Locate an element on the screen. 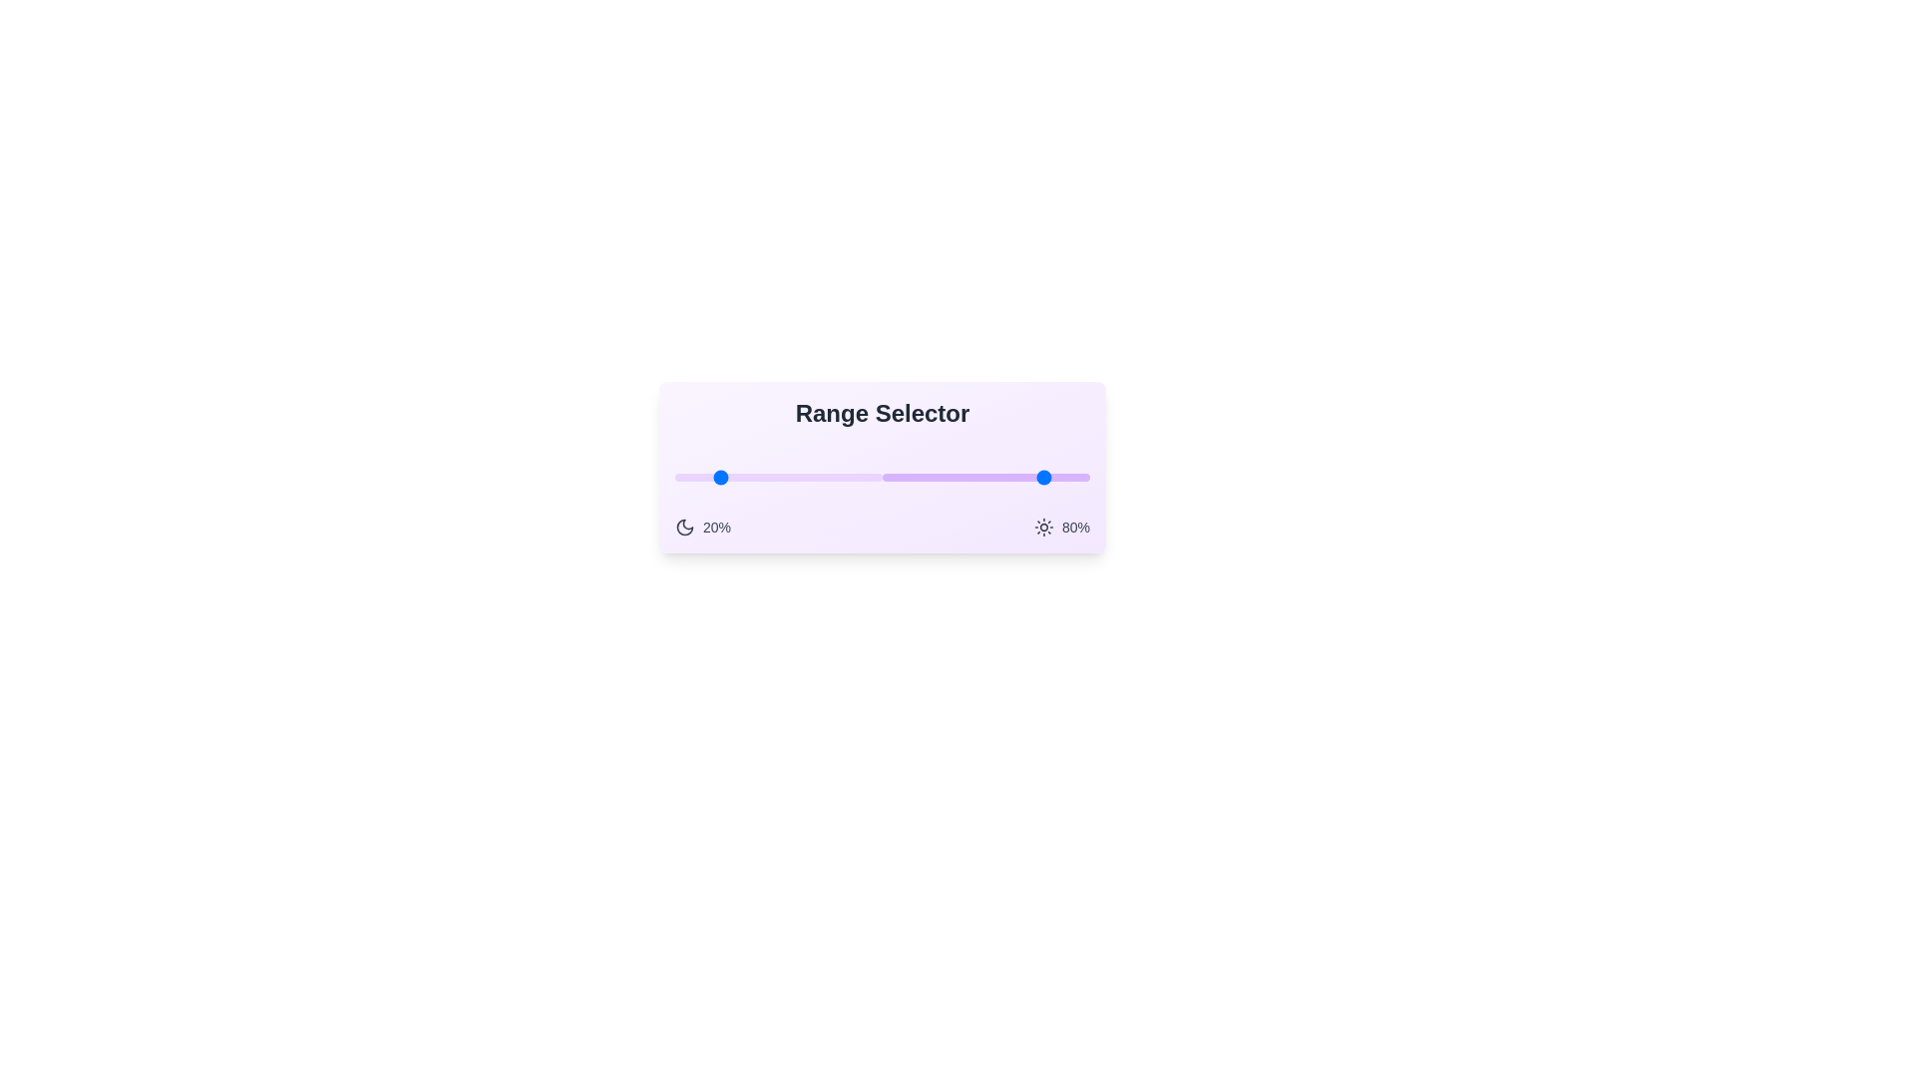 The height and width of the screenshot is (1077, 1915). the lower bound of the range to 5% by dragging the left slider is located at coordinates (685, 477).